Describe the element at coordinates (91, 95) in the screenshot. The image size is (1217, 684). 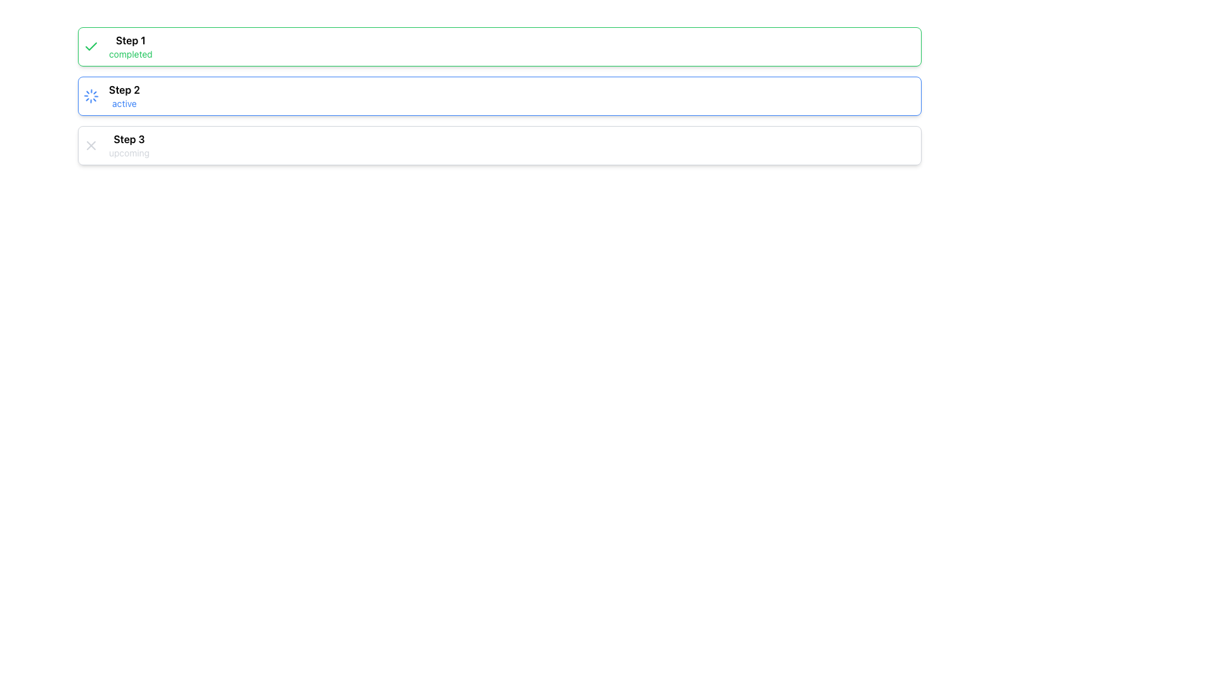
I see `the blue circular spinner icon indicating the loading state in the 'Step 2' section of the step indicator UI` at that location.